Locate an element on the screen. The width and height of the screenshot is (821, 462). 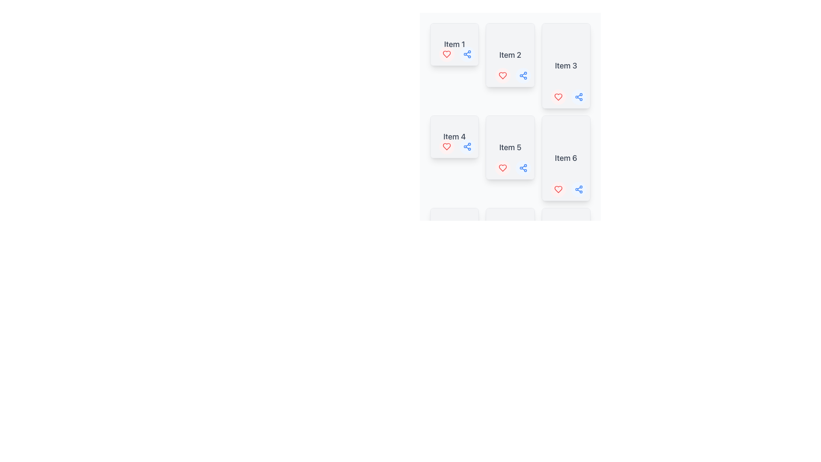
the circular button with a light blue background and a share icon is located at coordinates (467, 146).